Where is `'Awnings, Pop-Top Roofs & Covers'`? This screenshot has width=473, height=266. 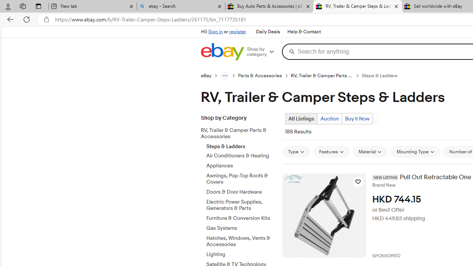 'Awnings, Pop-Top Roofs & Covers' is located at coordinates (241, 179).